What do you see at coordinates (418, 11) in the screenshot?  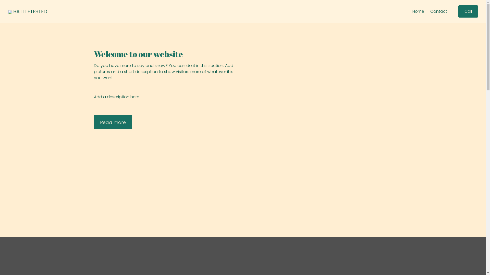 I see `'Home'` at bounding box center [418, 11].